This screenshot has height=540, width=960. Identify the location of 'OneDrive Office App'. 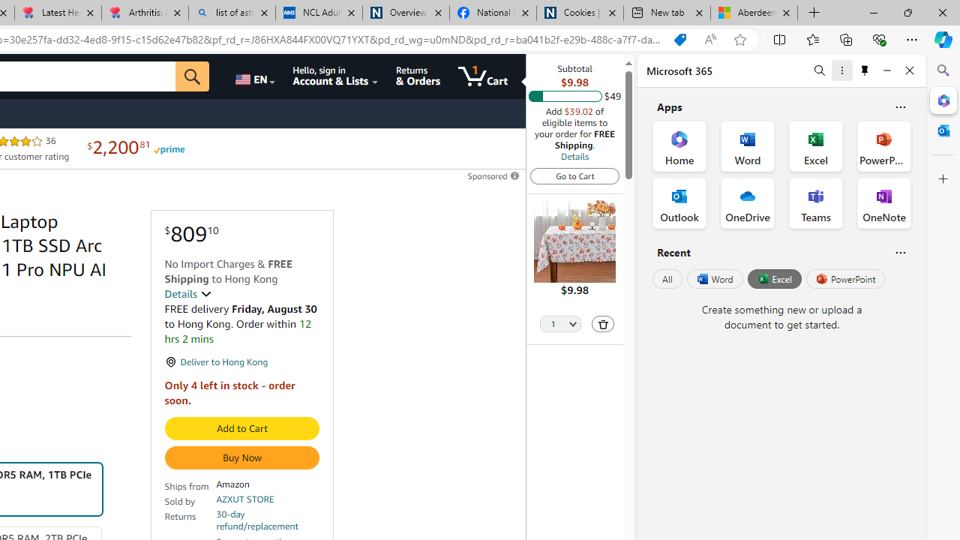
(748, 203).